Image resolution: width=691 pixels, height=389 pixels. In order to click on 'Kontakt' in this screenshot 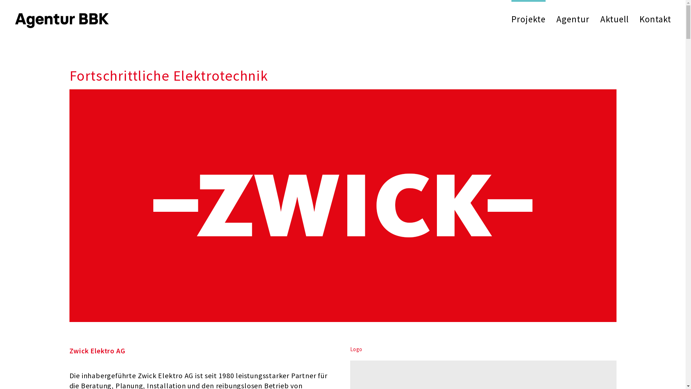, I will do `click(655, 19)`.